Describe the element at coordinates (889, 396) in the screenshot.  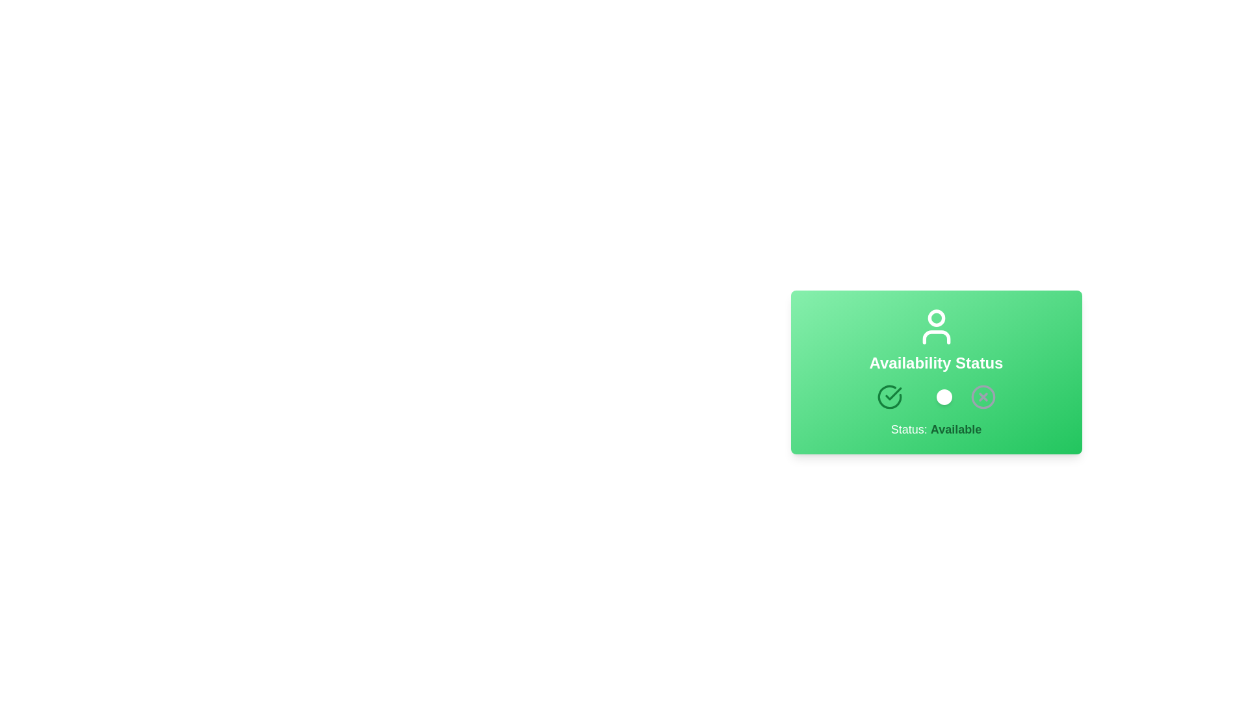
I see `the leftmost icon in a horizontal arrangement of three symbols, which indicates a positive or available status` at that location.